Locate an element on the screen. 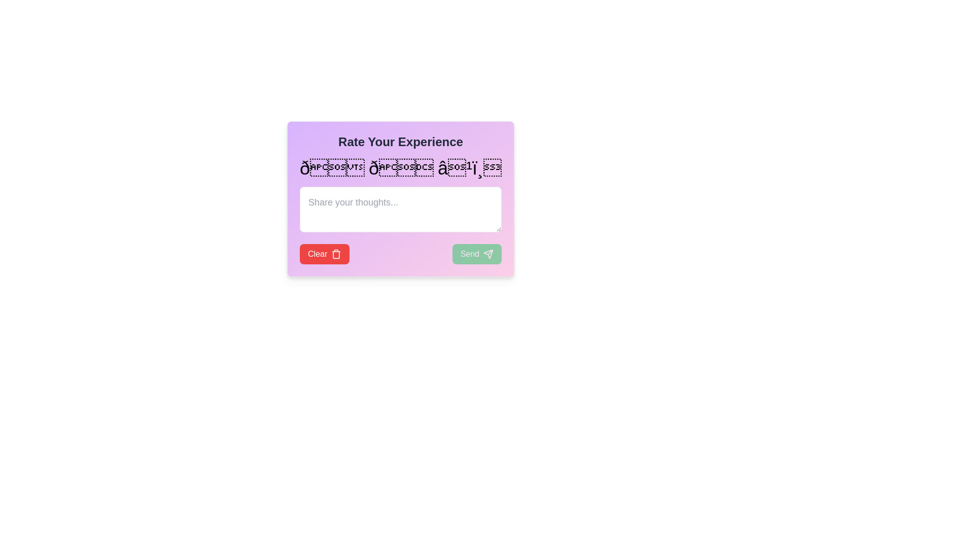 The height and width of the screenshot is (548, 974). the paper airplane icon located inside the green 'Send' button at the bottom-right of the feedback form is located at coordinates (489, 254).